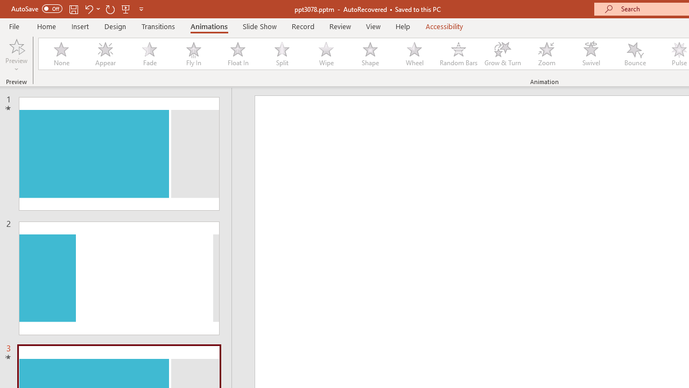 Image resolution: width=689 pixels, height=388 pixels. Describe the element at coordinates (502, 54) in the screenshot. I see `'Grow & Turn'` at that location.